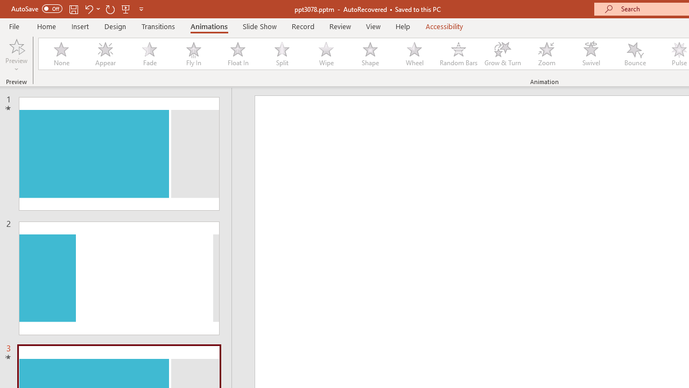 Image resolution: width=689 pixels, height=388 pixels. Describe the element at coordinates (502, 54) in the screenshot. I see `'Grow & Turn'` at that location.